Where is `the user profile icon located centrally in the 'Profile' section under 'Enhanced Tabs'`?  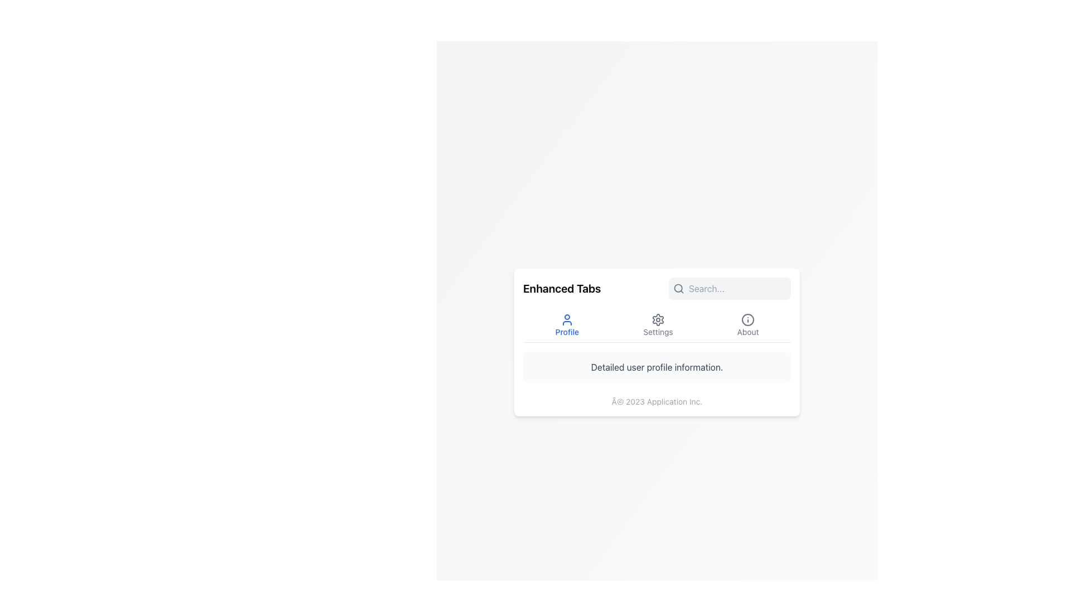 the user profile icon located centrally in the 'Profile' section under 'Enhanced Tabs' is located at coordinates (567, 319).